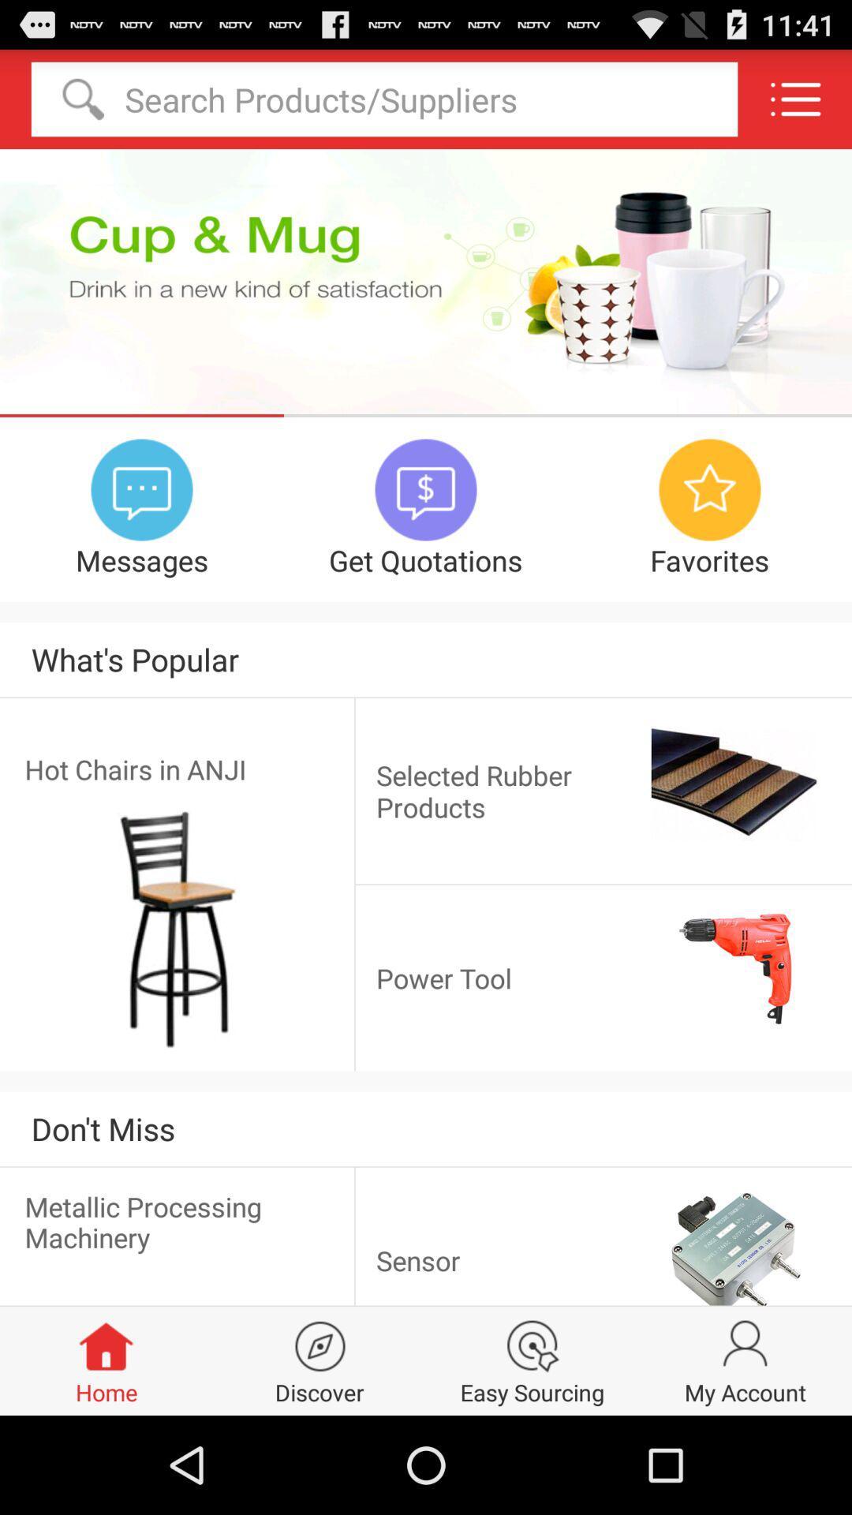 The image size is (852, 1515). I want to click on the list icon, so click(795, 105).